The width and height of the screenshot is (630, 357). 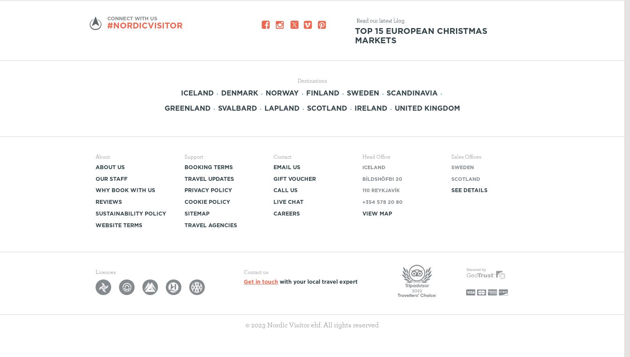 What do you see at coordinates (282, 107) in the screenshot?
I see `'Lapland'` at bounding box center [282, 107].